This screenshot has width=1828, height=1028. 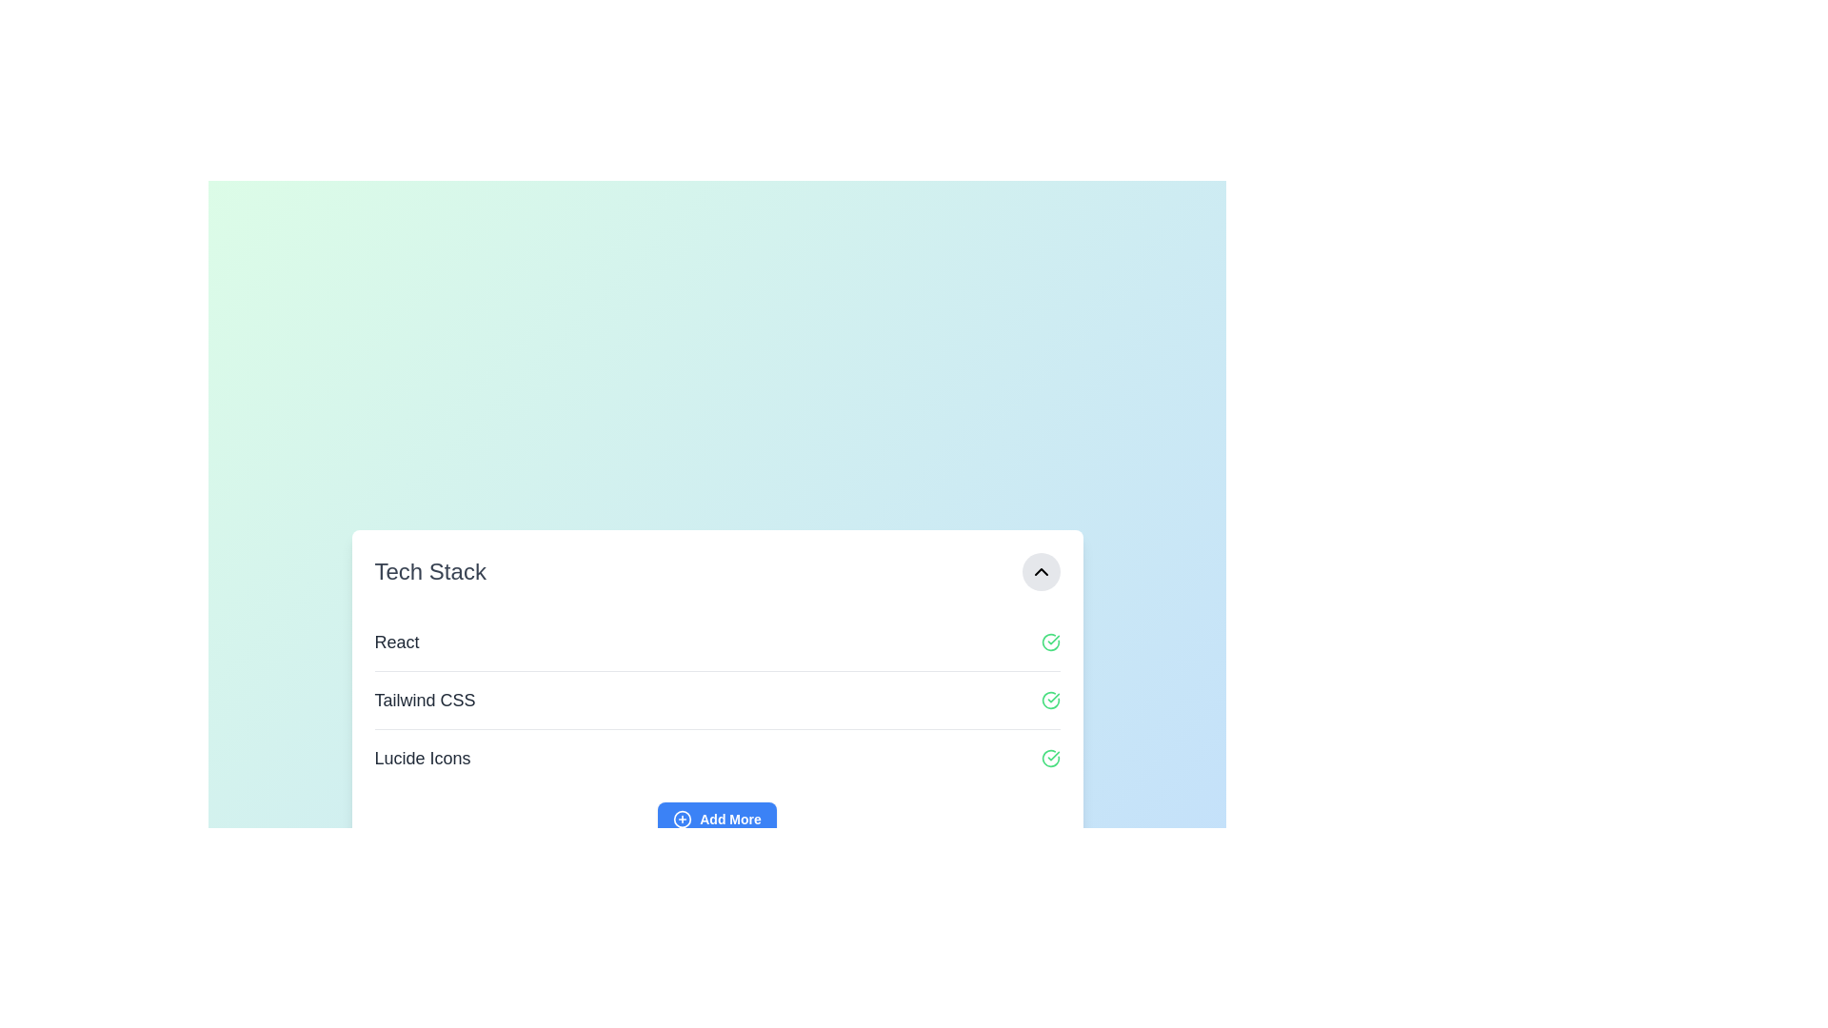 What do you see at coordinates (396, 642) in the screenshot?
I see `the textual label displaying 'React'` at bounding box center [396, 642].